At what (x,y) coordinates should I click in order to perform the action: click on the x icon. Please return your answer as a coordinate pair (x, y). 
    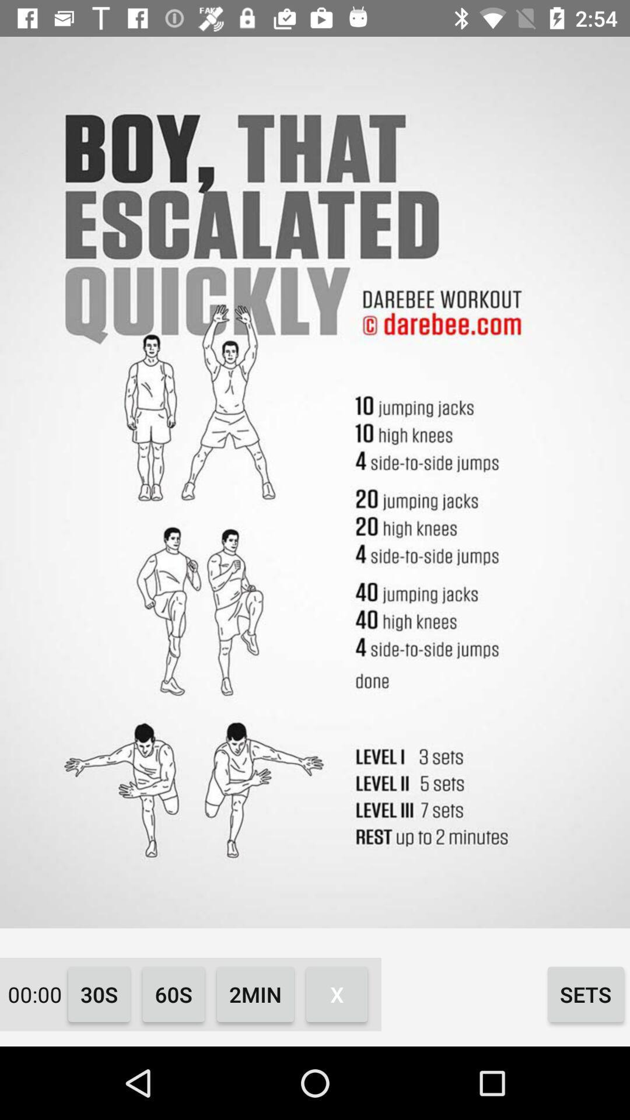
    Looking at the image, I should click on (337, 993).